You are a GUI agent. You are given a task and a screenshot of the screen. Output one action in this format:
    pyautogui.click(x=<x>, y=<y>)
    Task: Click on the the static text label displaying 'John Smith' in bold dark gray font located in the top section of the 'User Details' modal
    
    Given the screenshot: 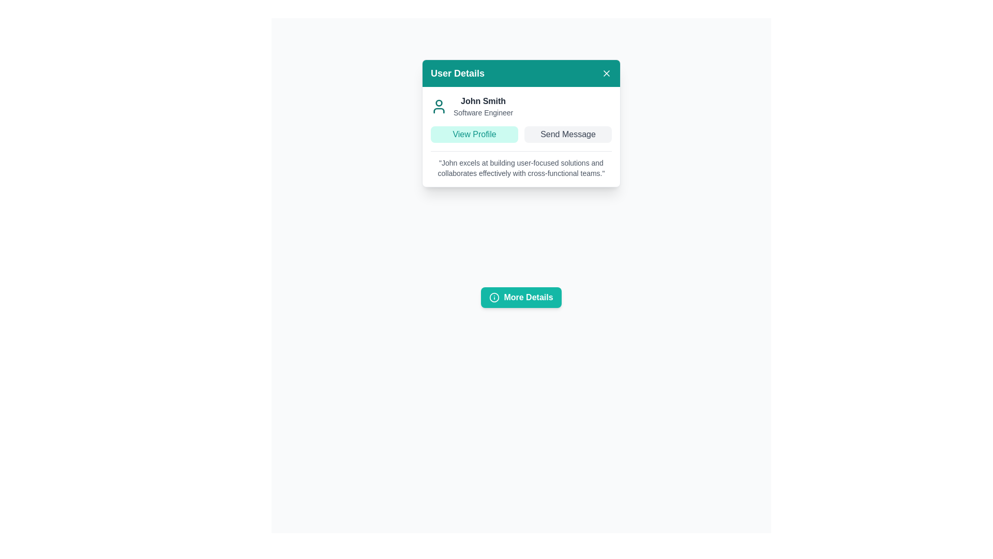 What is the action you would take?
    pyautogui.click(x=483, y=101)
    